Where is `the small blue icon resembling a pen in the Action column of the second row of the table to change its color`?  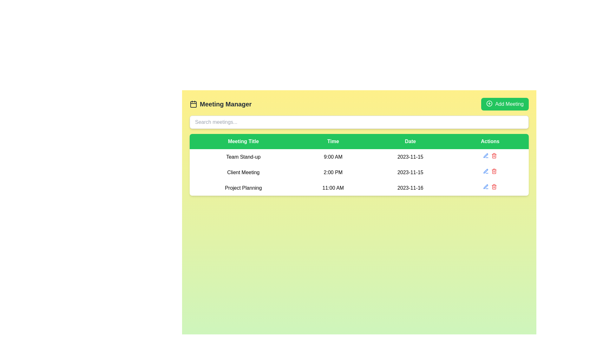
the small blue icon resembling a pen in the Action column of the second row of the table to change its color is located at coordinates (486, 156).